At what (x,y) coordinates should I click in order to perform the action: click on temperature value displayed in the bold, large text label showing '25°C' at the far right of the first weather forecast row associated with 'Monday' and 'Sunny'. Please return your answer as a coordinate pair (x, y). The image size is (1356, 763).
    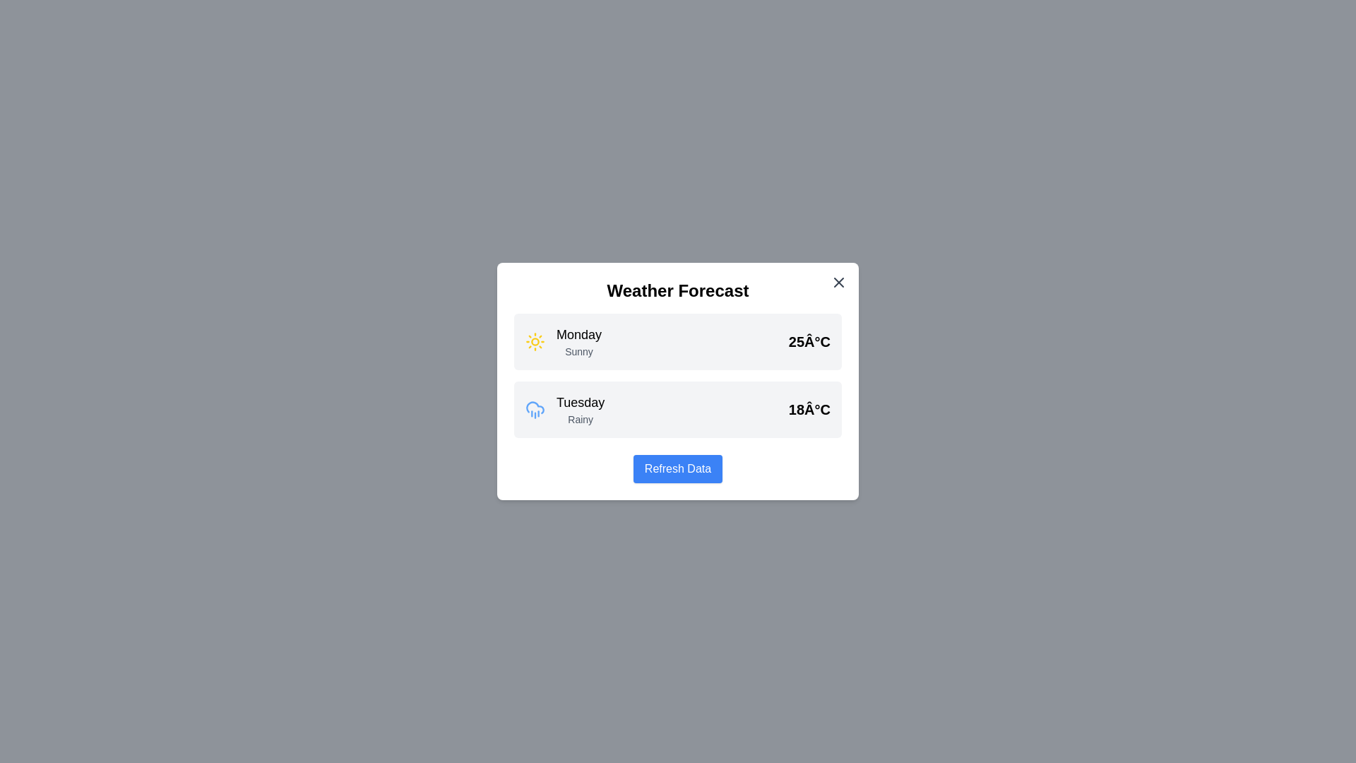
    Looking at the image, I should click on (809, 341).